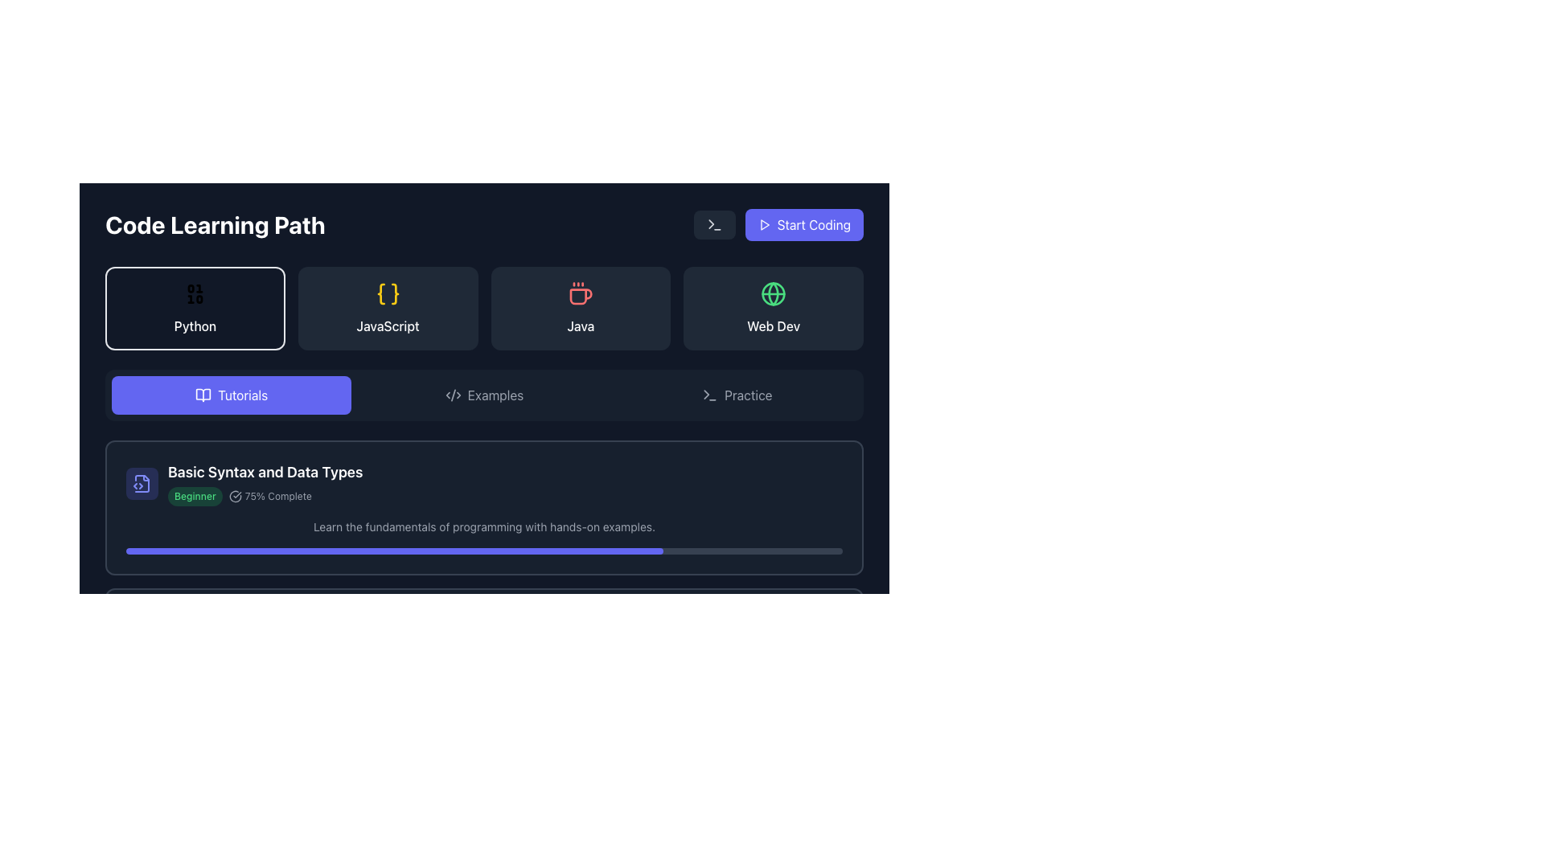 This screenshot has width=1544, height=868. What do you see at coordinates (265, 495) in the screenshot?
I see `the Progress Indicator with Label and Text displaying '75% Complete' and the label 'Beginner' in green text, located at the bottom of the card titled 'Basic Syntax and Data Types'` at bounding box center [265, 495].